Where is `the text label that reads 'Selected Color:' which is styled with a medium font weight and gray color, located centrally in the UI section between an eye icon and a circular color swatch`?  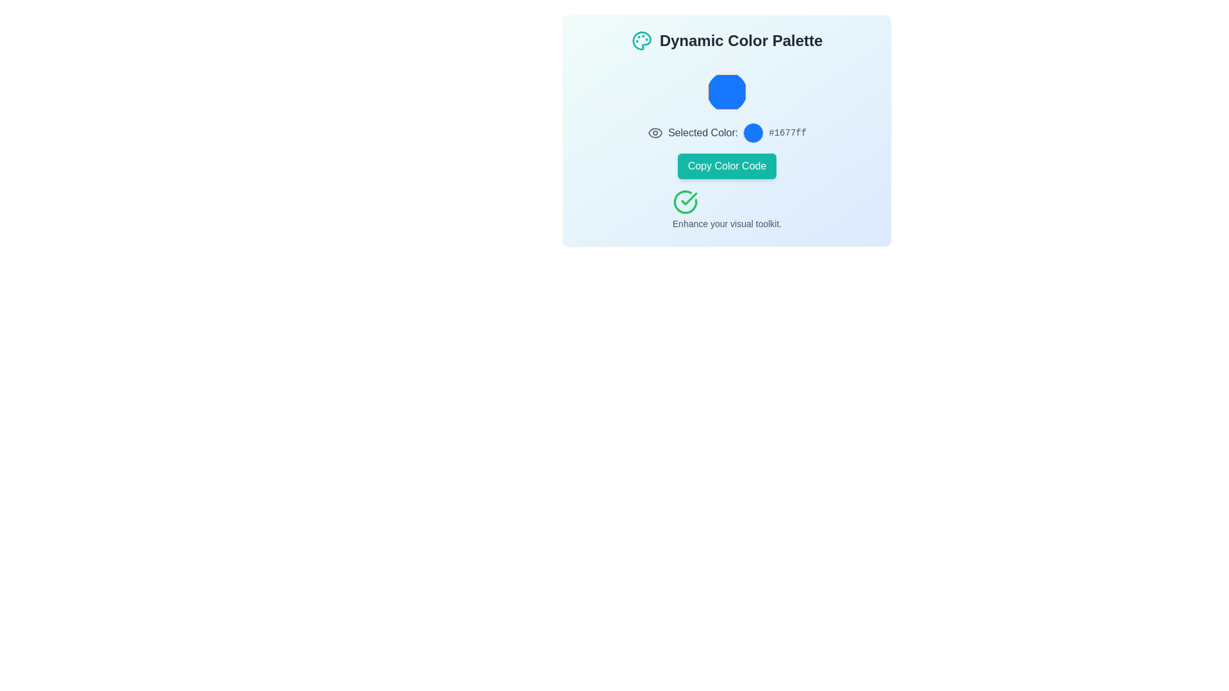
the text label that reads 'Selected Color:' which is styled with a medium font weight and gray color, located centrally in the UI section between an eye icon and a circular color swatch is located at coordinates (702, 133).